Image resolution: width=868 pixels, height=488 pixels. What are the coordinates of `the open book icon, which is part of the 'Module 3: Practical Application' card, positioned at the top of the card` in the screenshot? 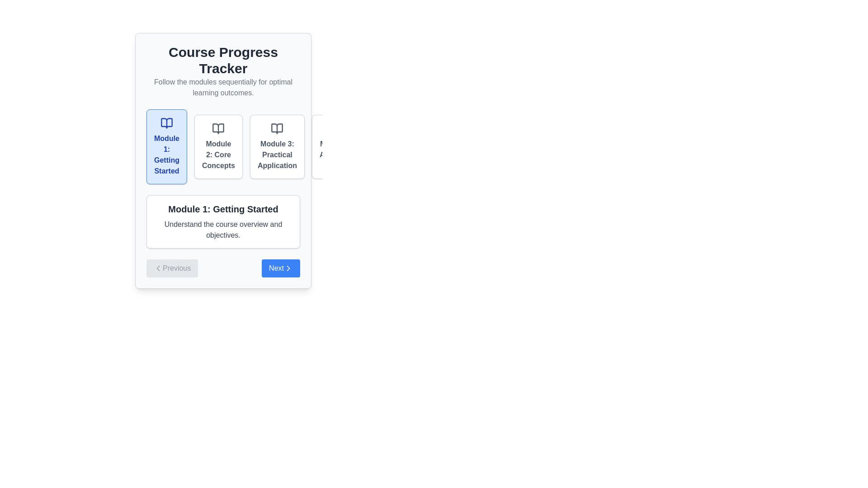 It's located at (277, 129).